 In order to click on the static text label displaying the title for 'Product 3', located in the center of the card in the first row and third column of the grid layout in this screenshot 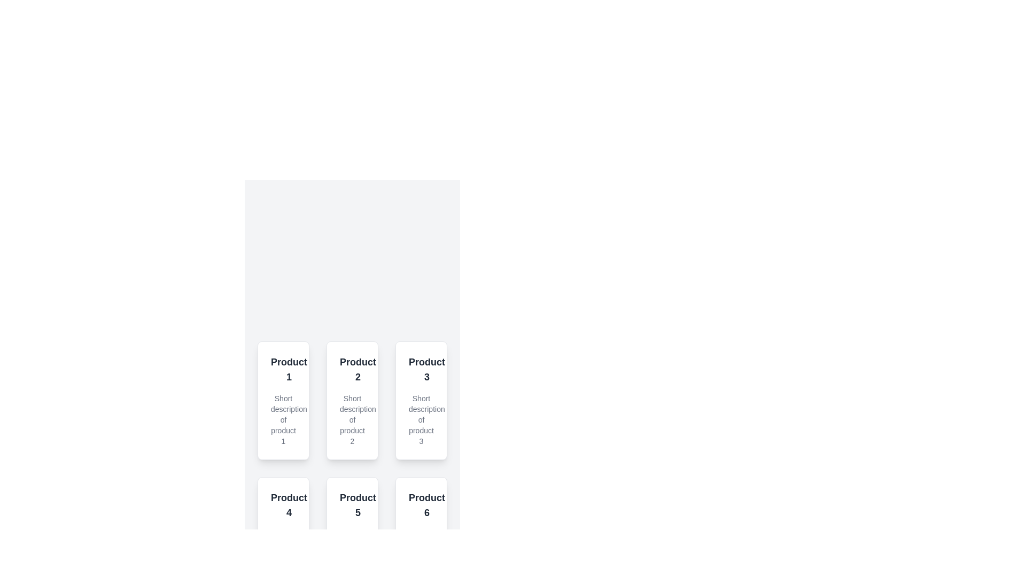, I will do `click(426, 369)`.